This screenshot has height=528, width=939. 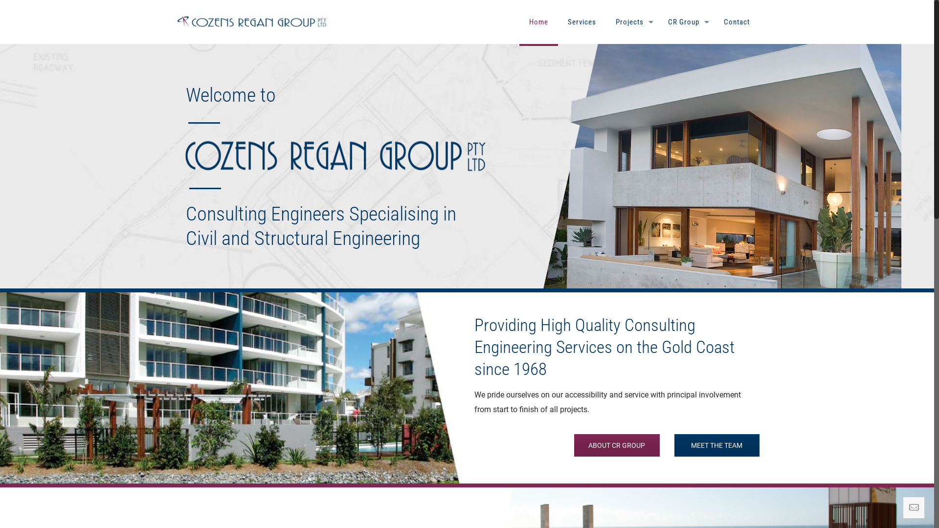 What do you see at coordinates (737, 22) in the screenshot?
I see `'Contact'` at bounding box center [737, 22].